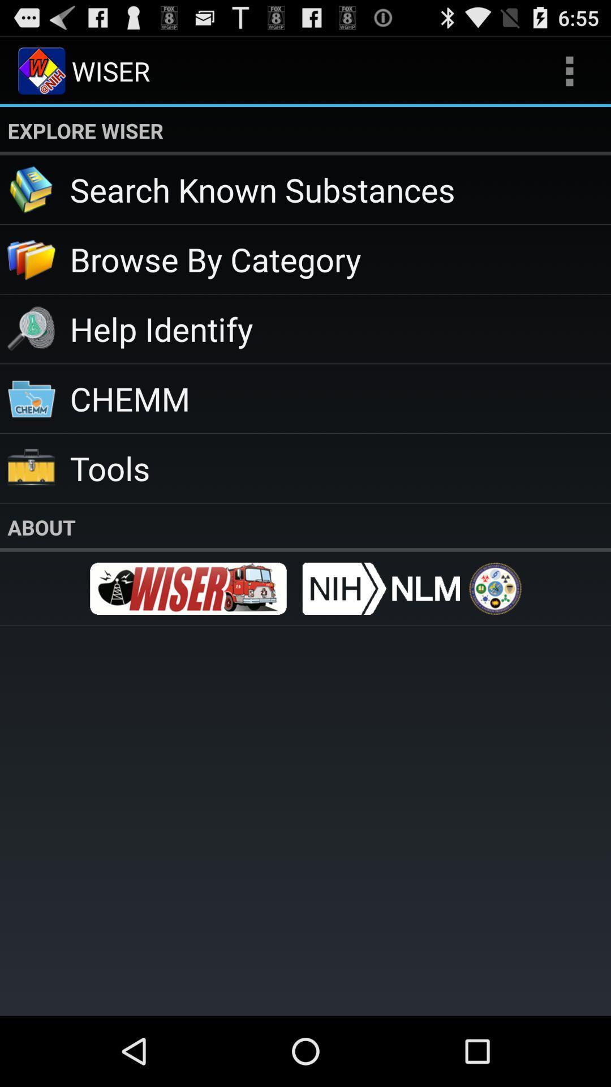 Image resolution: width=611 pixels, height=1087 pixels. I want to click on the about, so click(305, 527).